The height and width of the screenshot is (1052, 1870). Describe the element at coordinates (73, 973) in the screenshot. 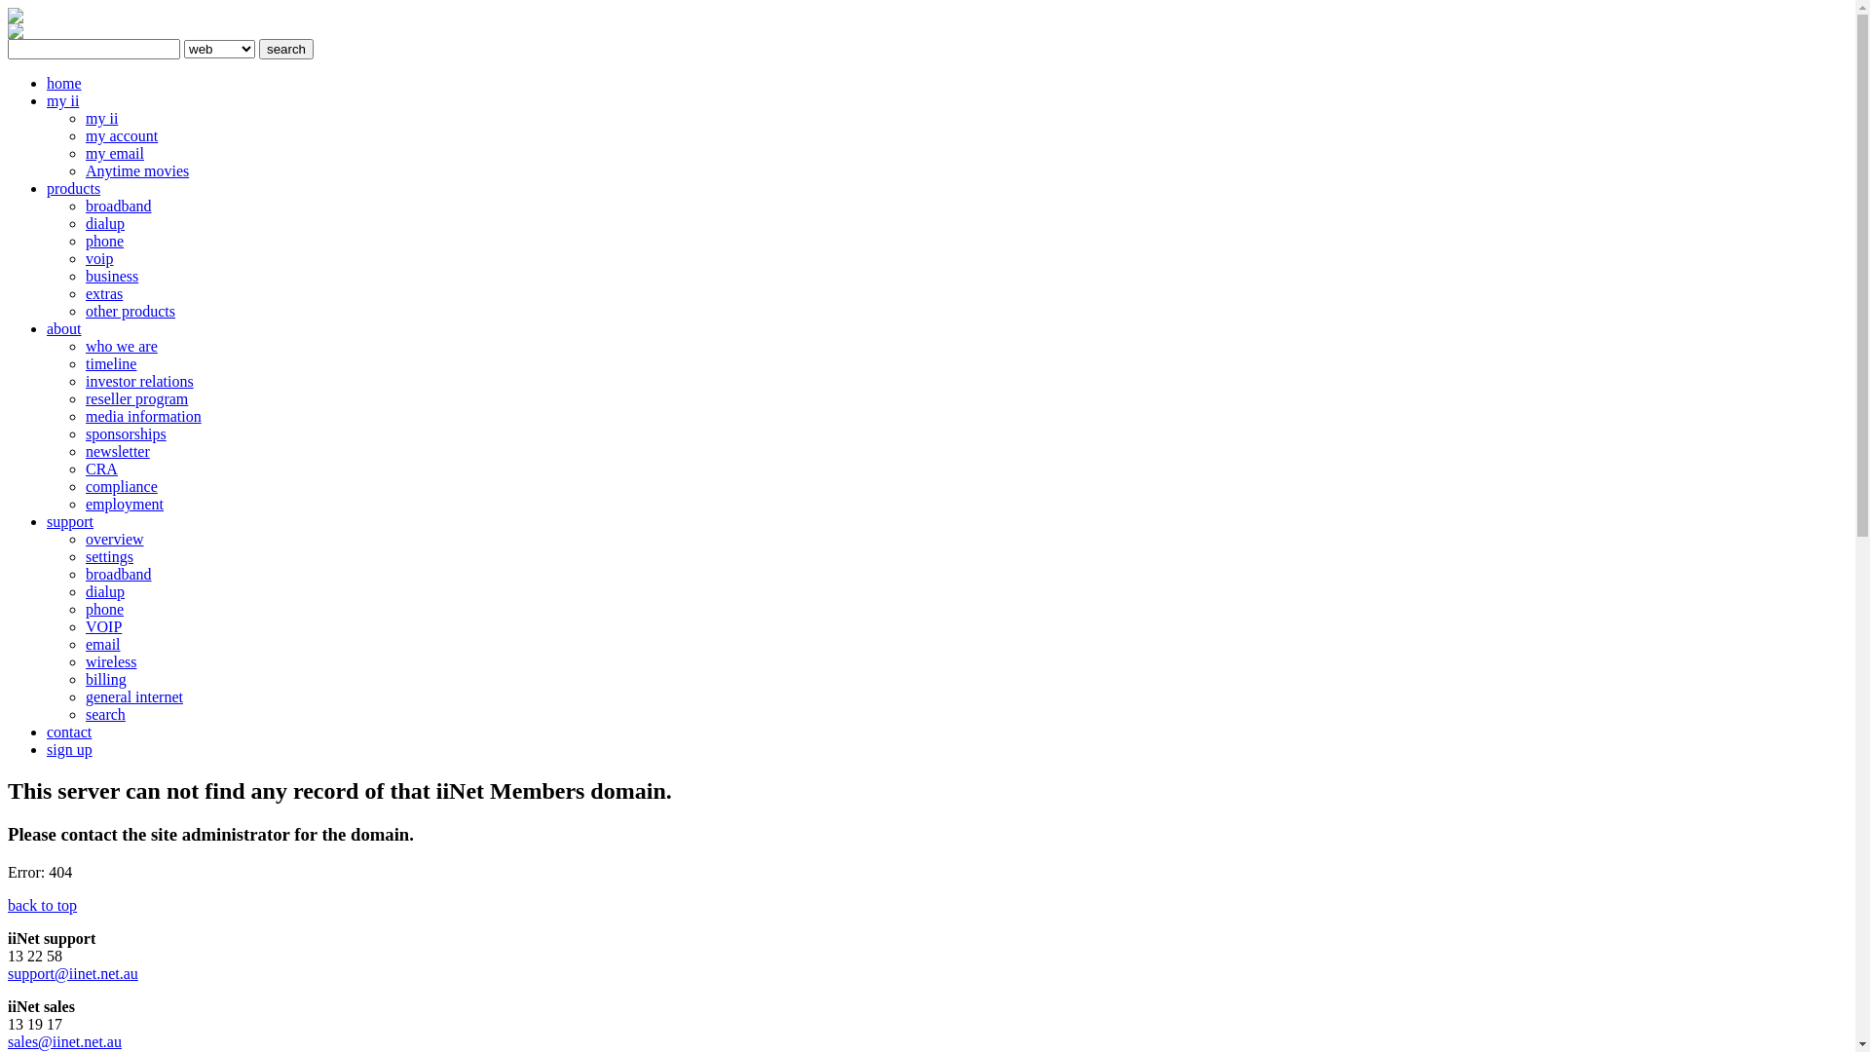

I see `'support@iinet.net.au'` at that location.